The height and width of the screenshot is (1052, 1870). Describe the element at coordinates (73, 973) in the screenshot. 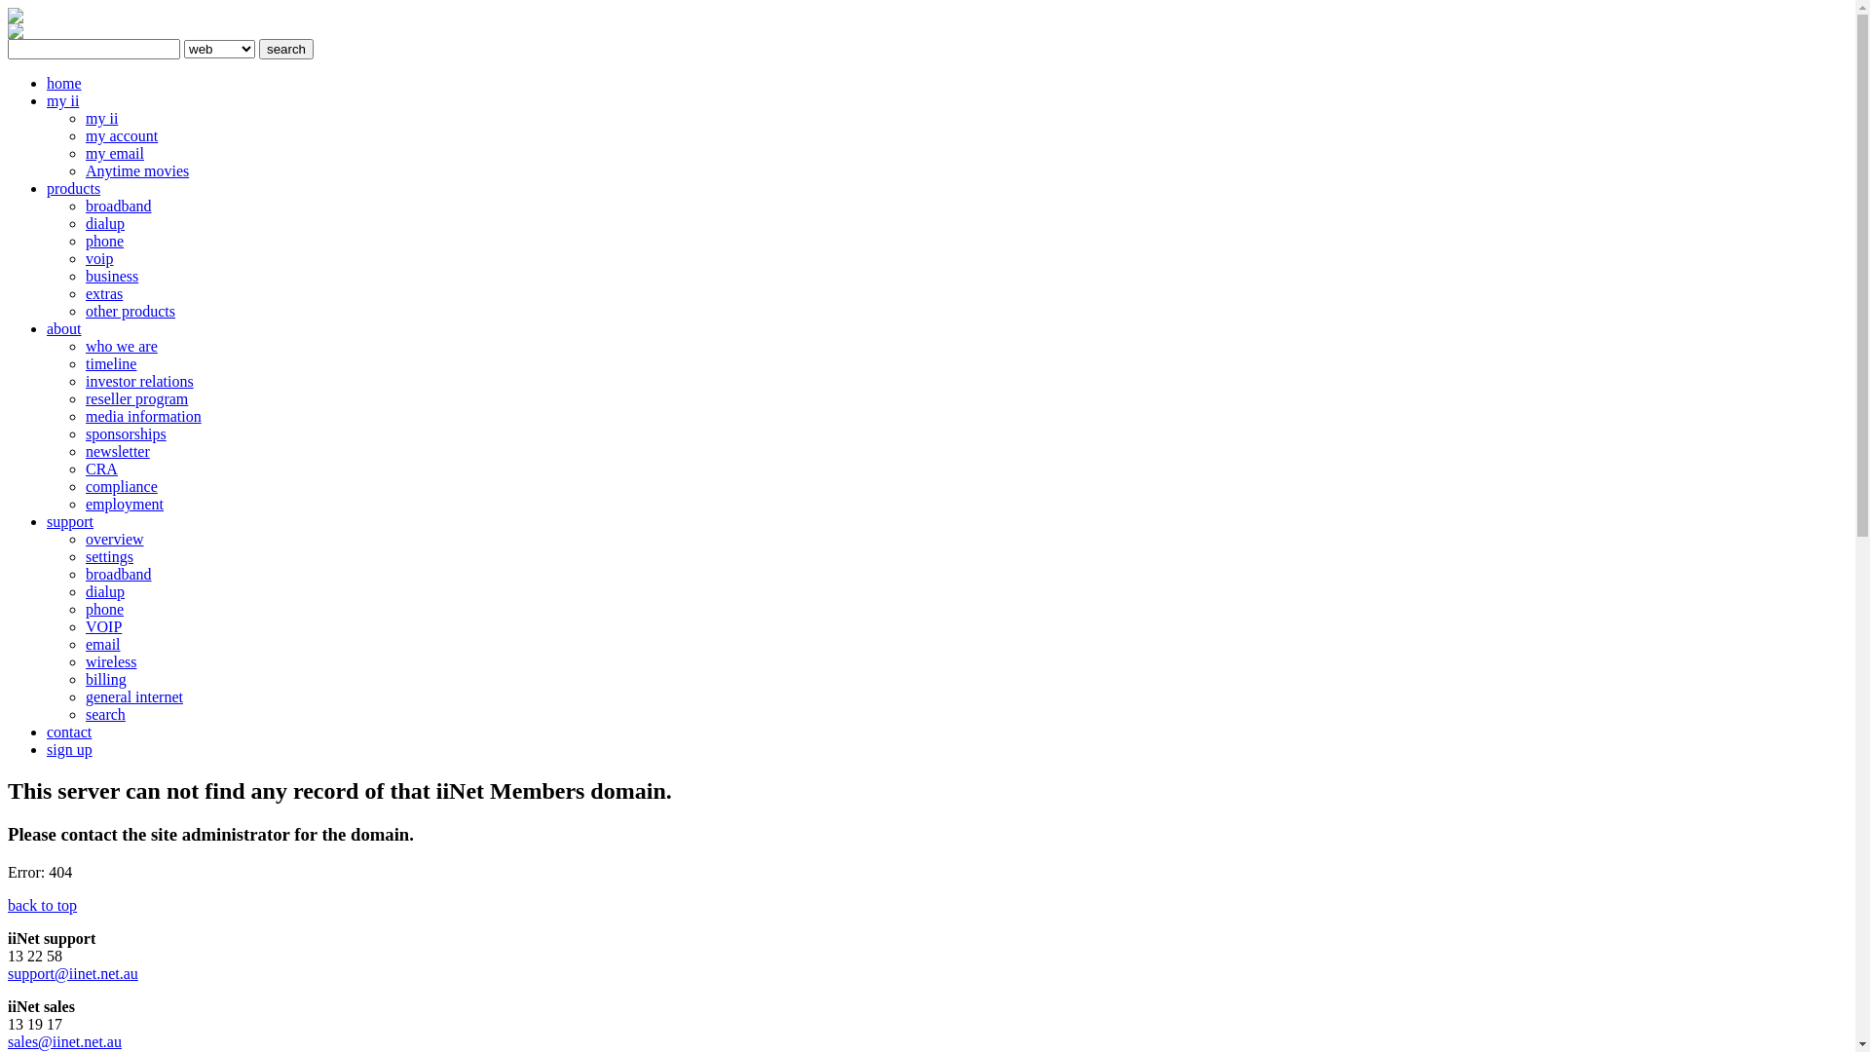

I see `'support@iinet.net.au'` at that location.